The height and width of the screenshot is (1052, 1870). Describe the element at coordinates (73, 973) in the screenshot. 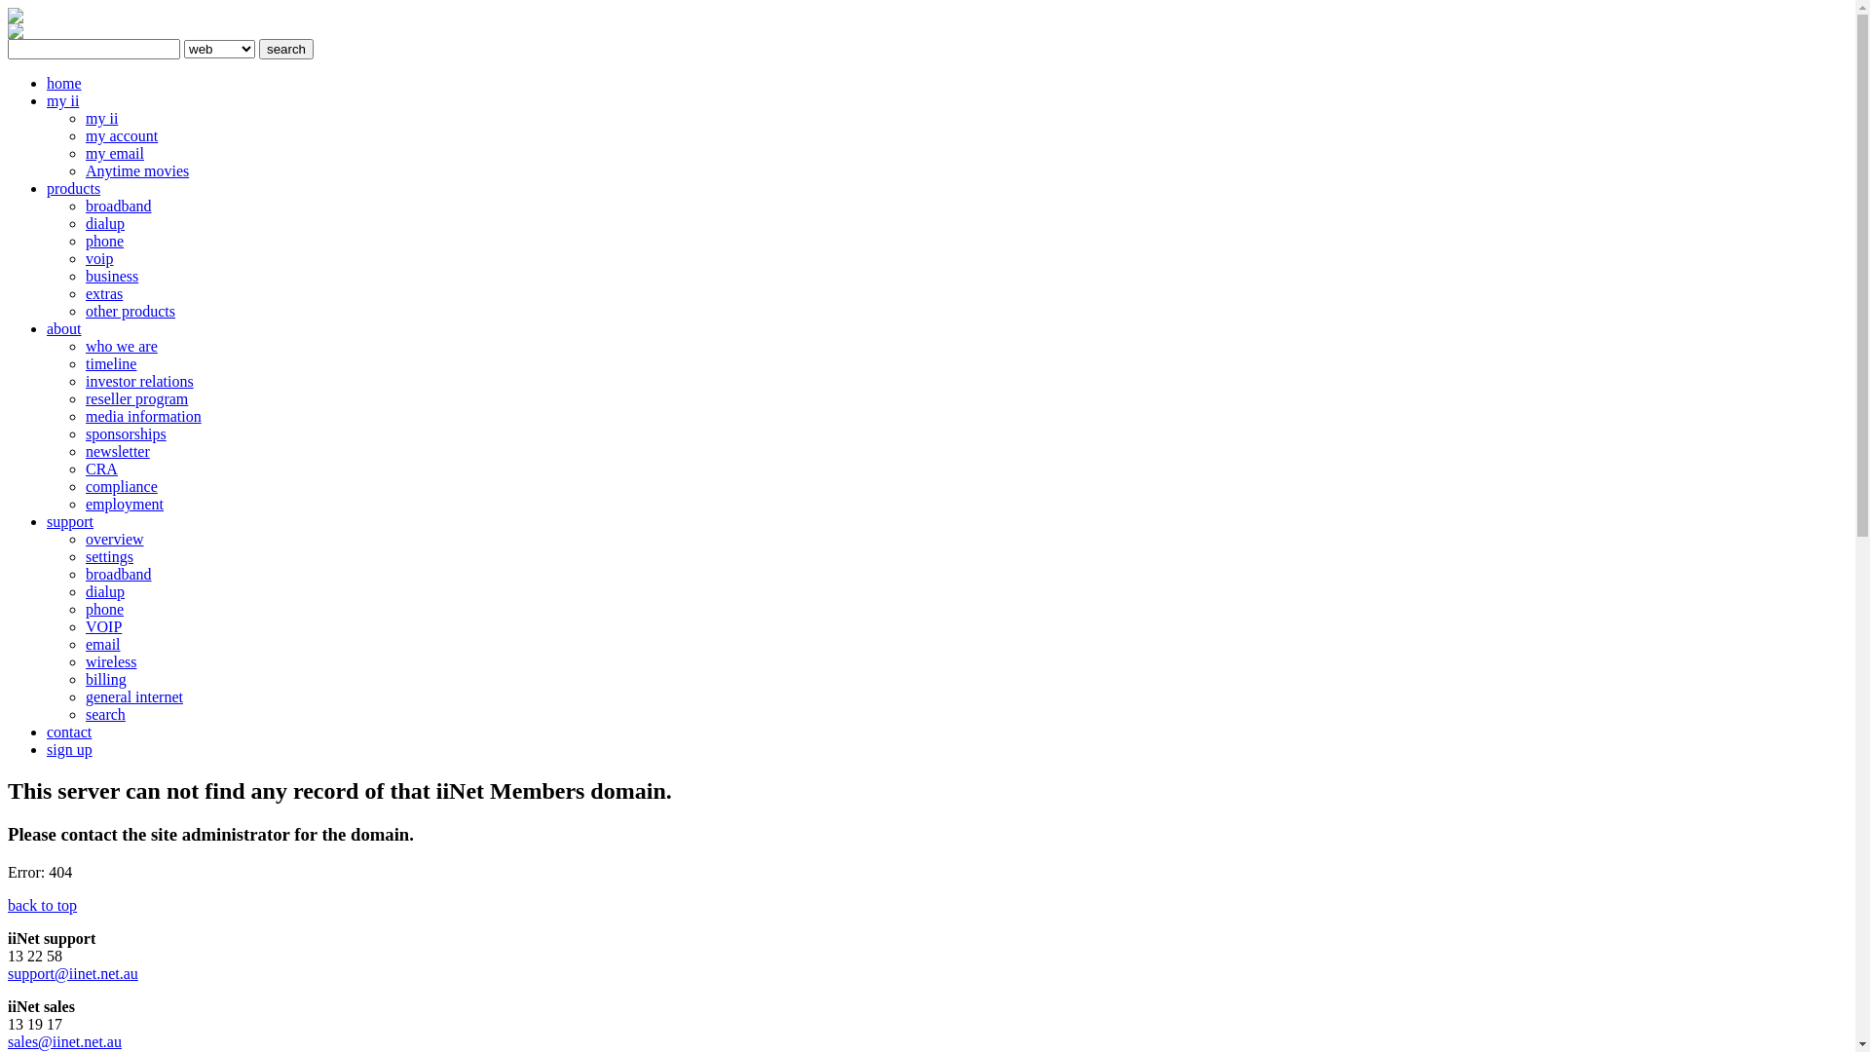

I see `'support@iinet.net.au'` at that location.